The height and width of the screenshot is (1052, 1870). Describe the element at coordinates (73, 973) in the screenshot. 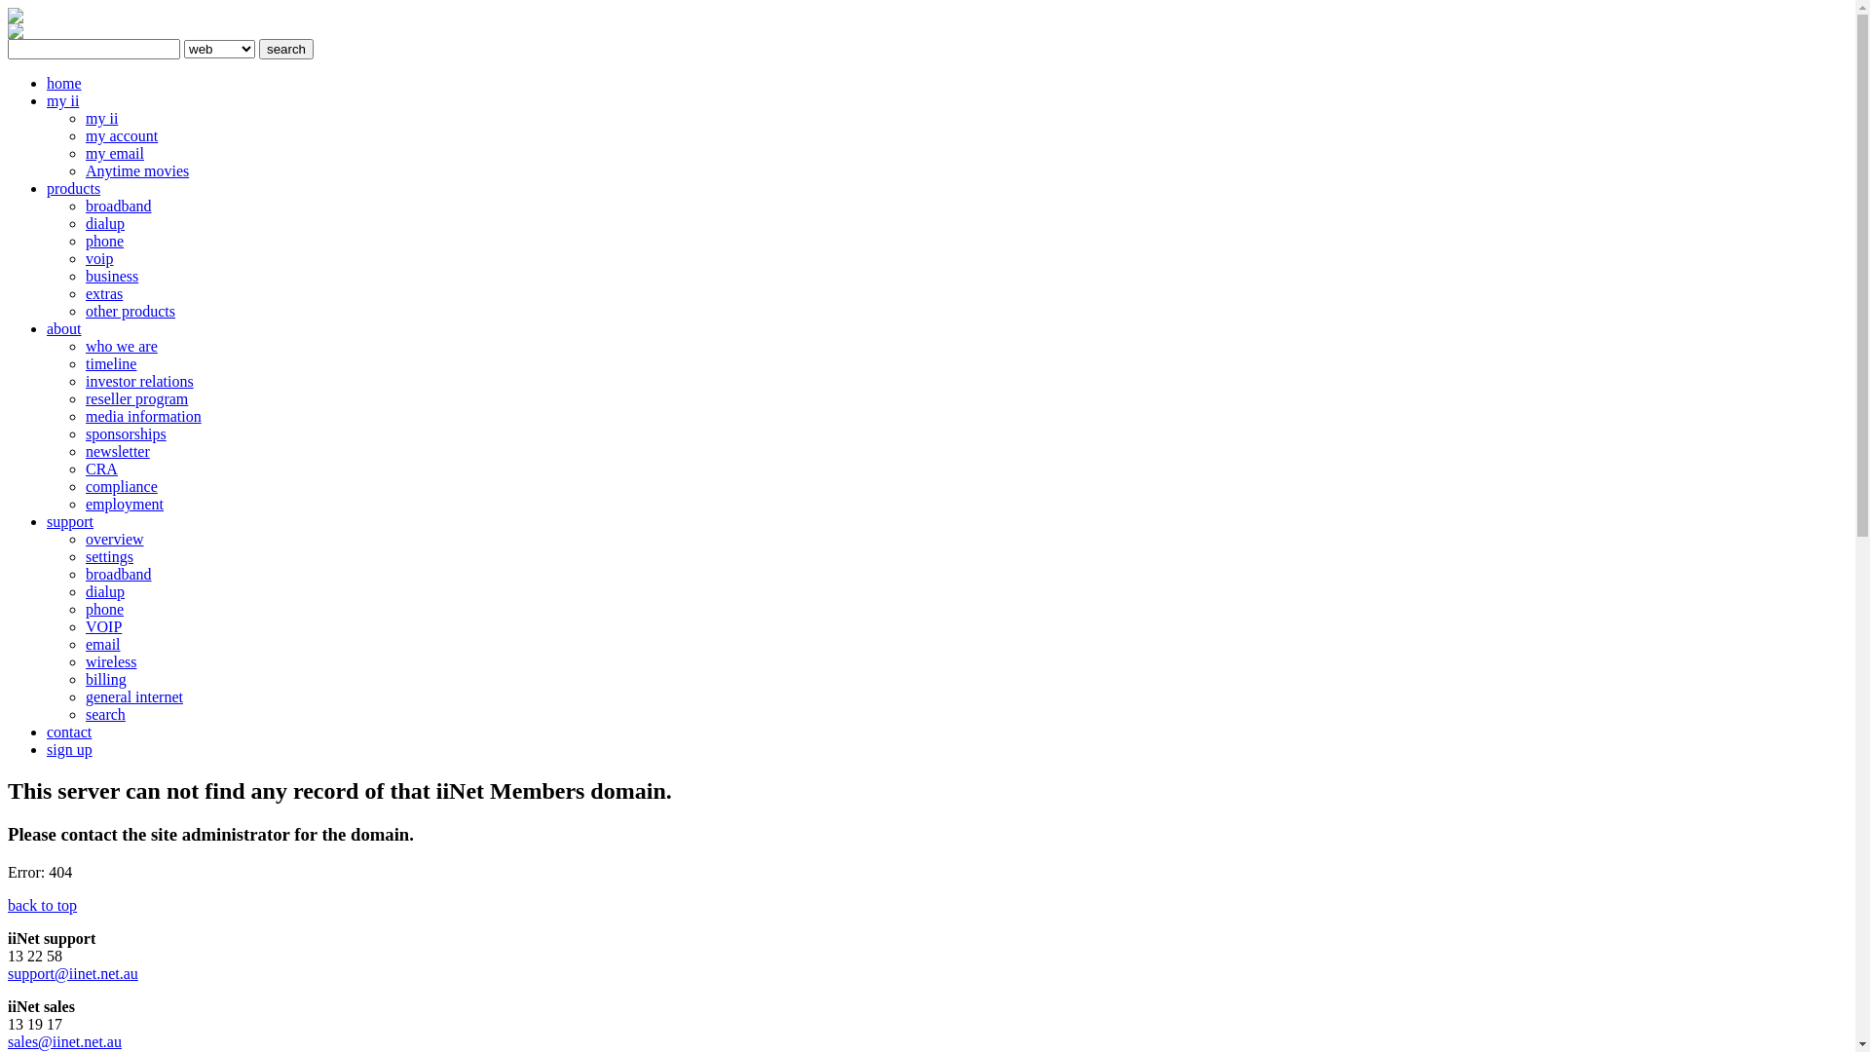

I see `'support@iinet.net.au'` at that location.